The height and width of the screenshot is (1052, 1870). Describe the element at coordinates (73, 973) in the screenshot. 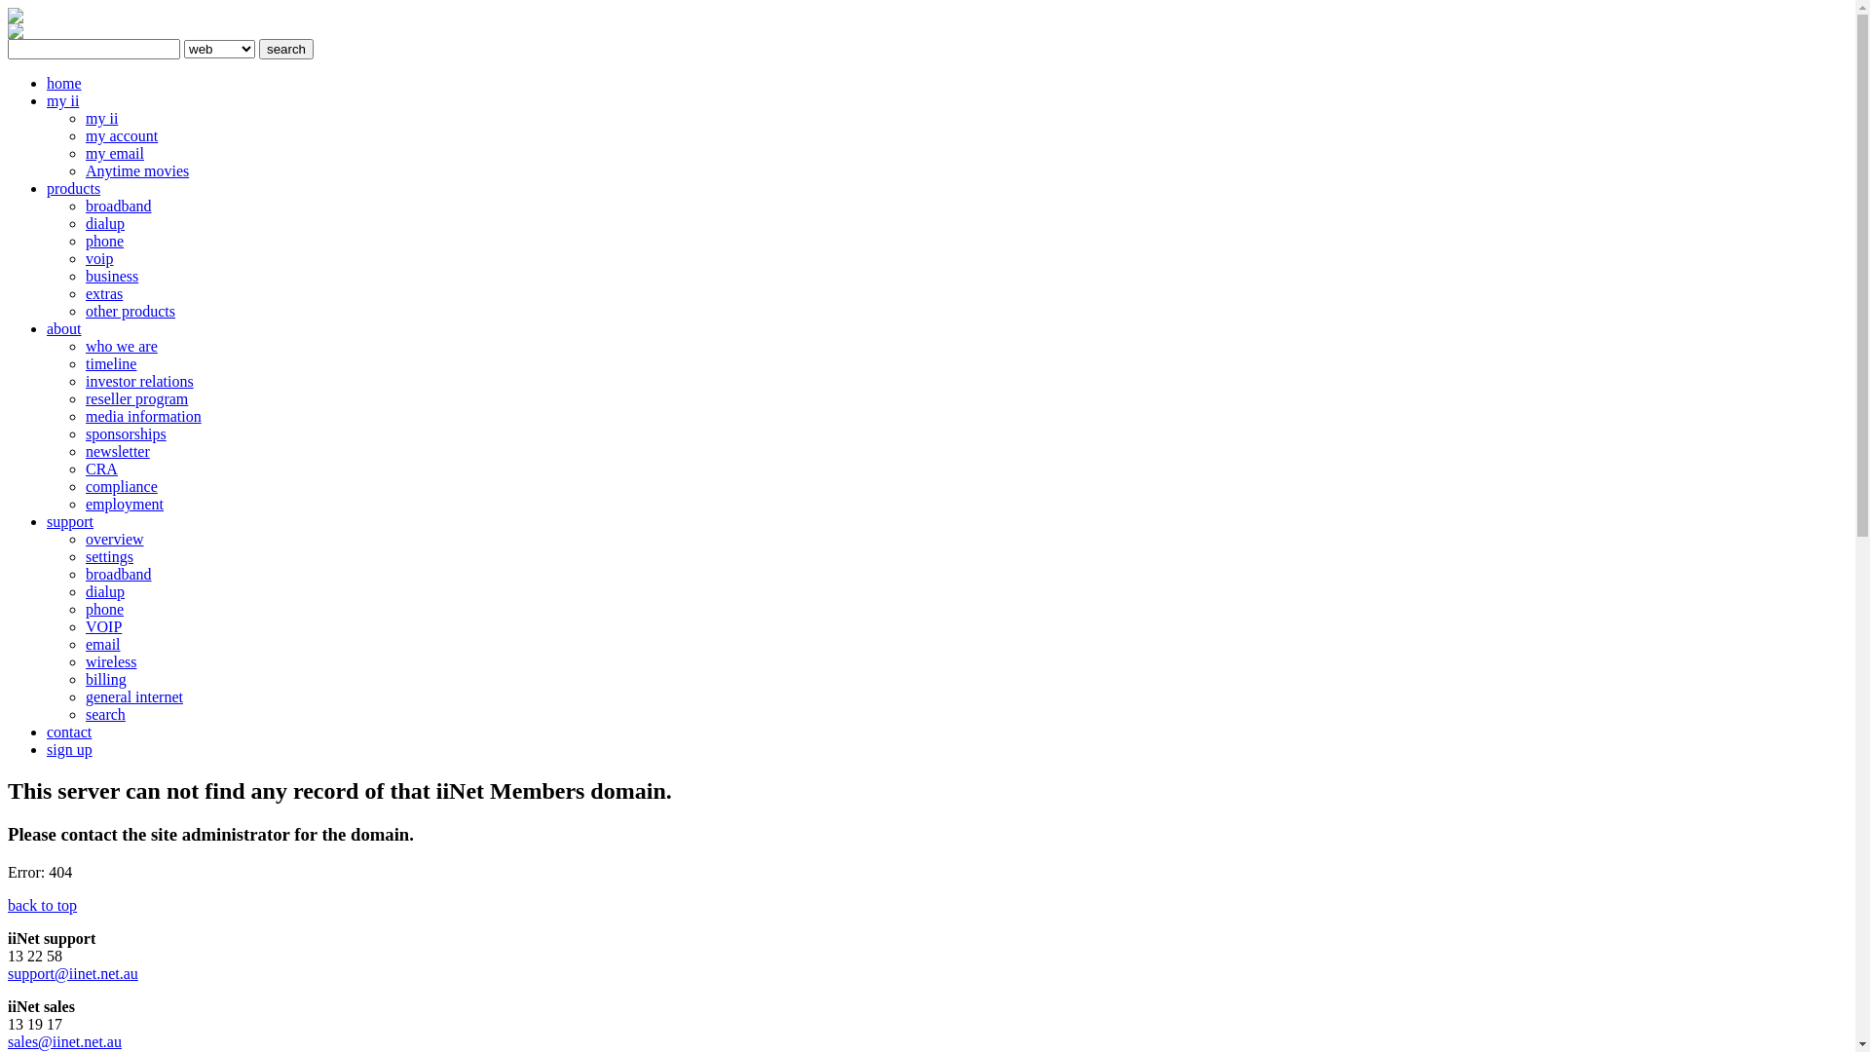

I see `'support@iinet.net.au'` at that location.